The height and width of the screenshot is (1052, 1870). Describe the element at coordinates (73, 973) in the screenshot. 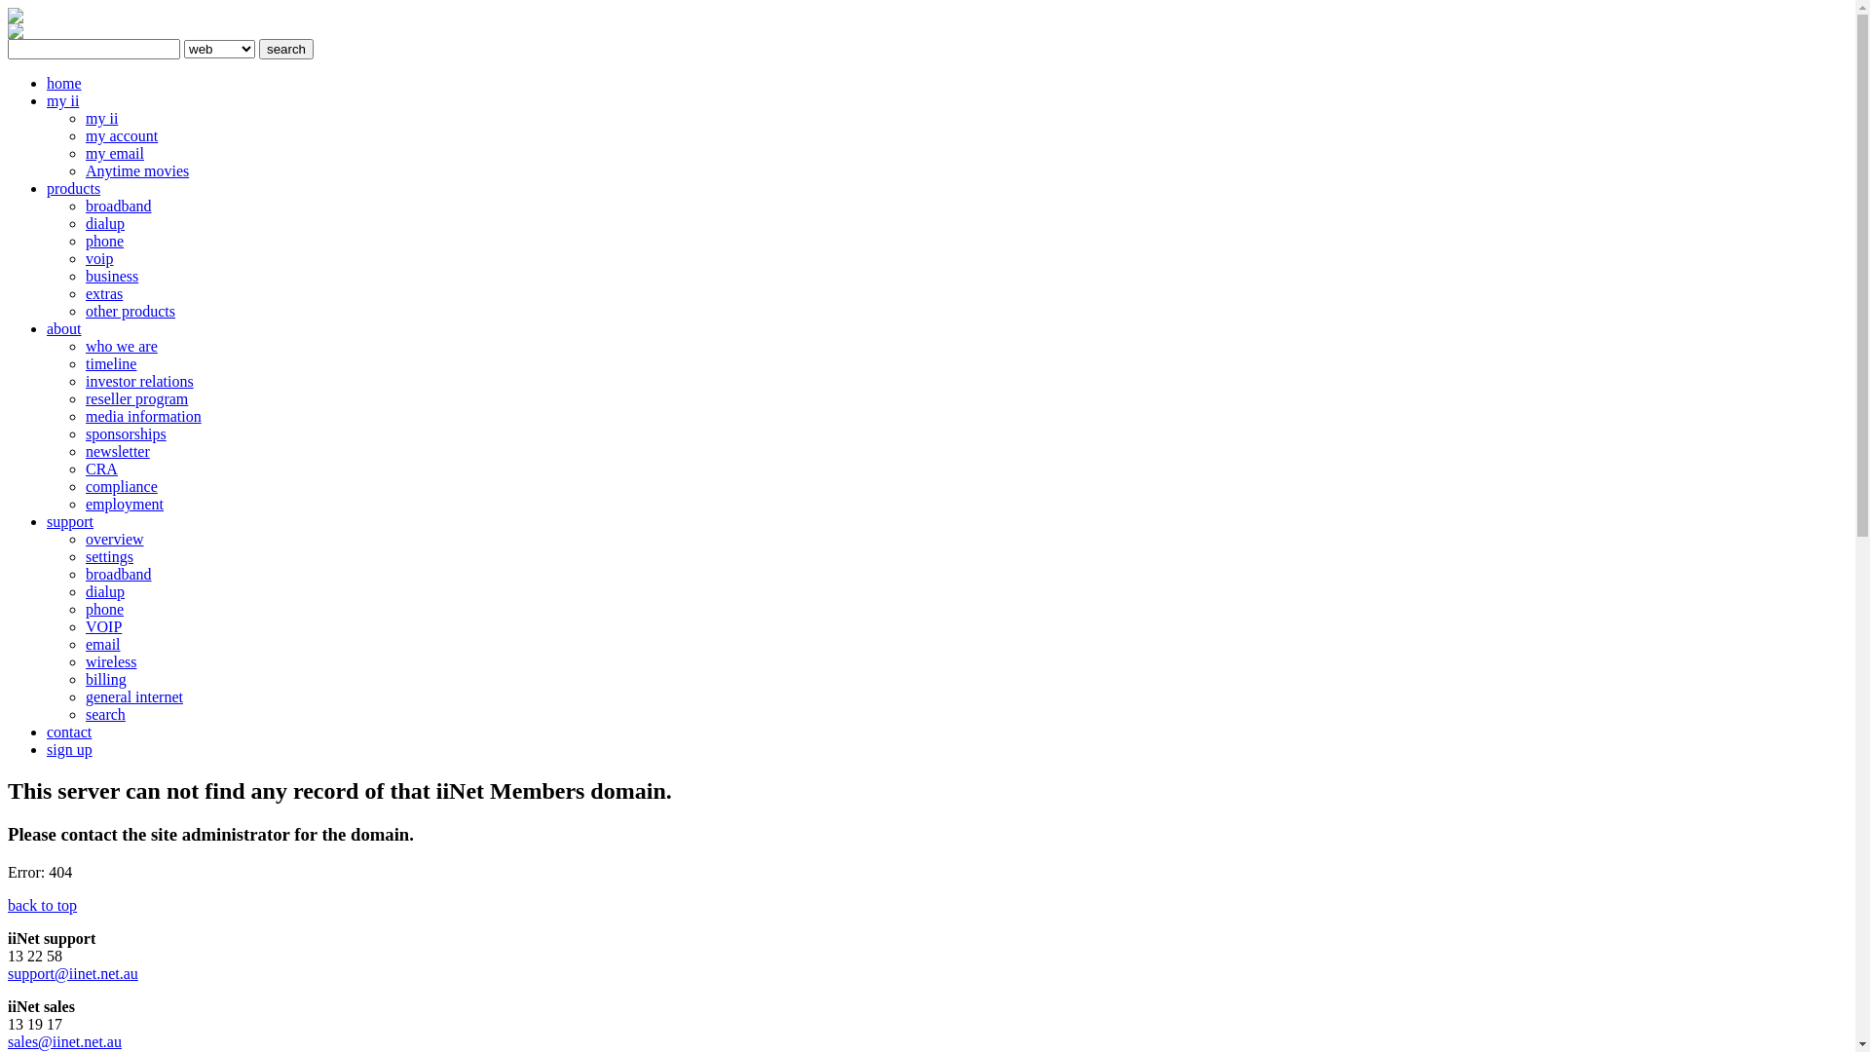

I see `'support@iinet.net.au'` at that location.